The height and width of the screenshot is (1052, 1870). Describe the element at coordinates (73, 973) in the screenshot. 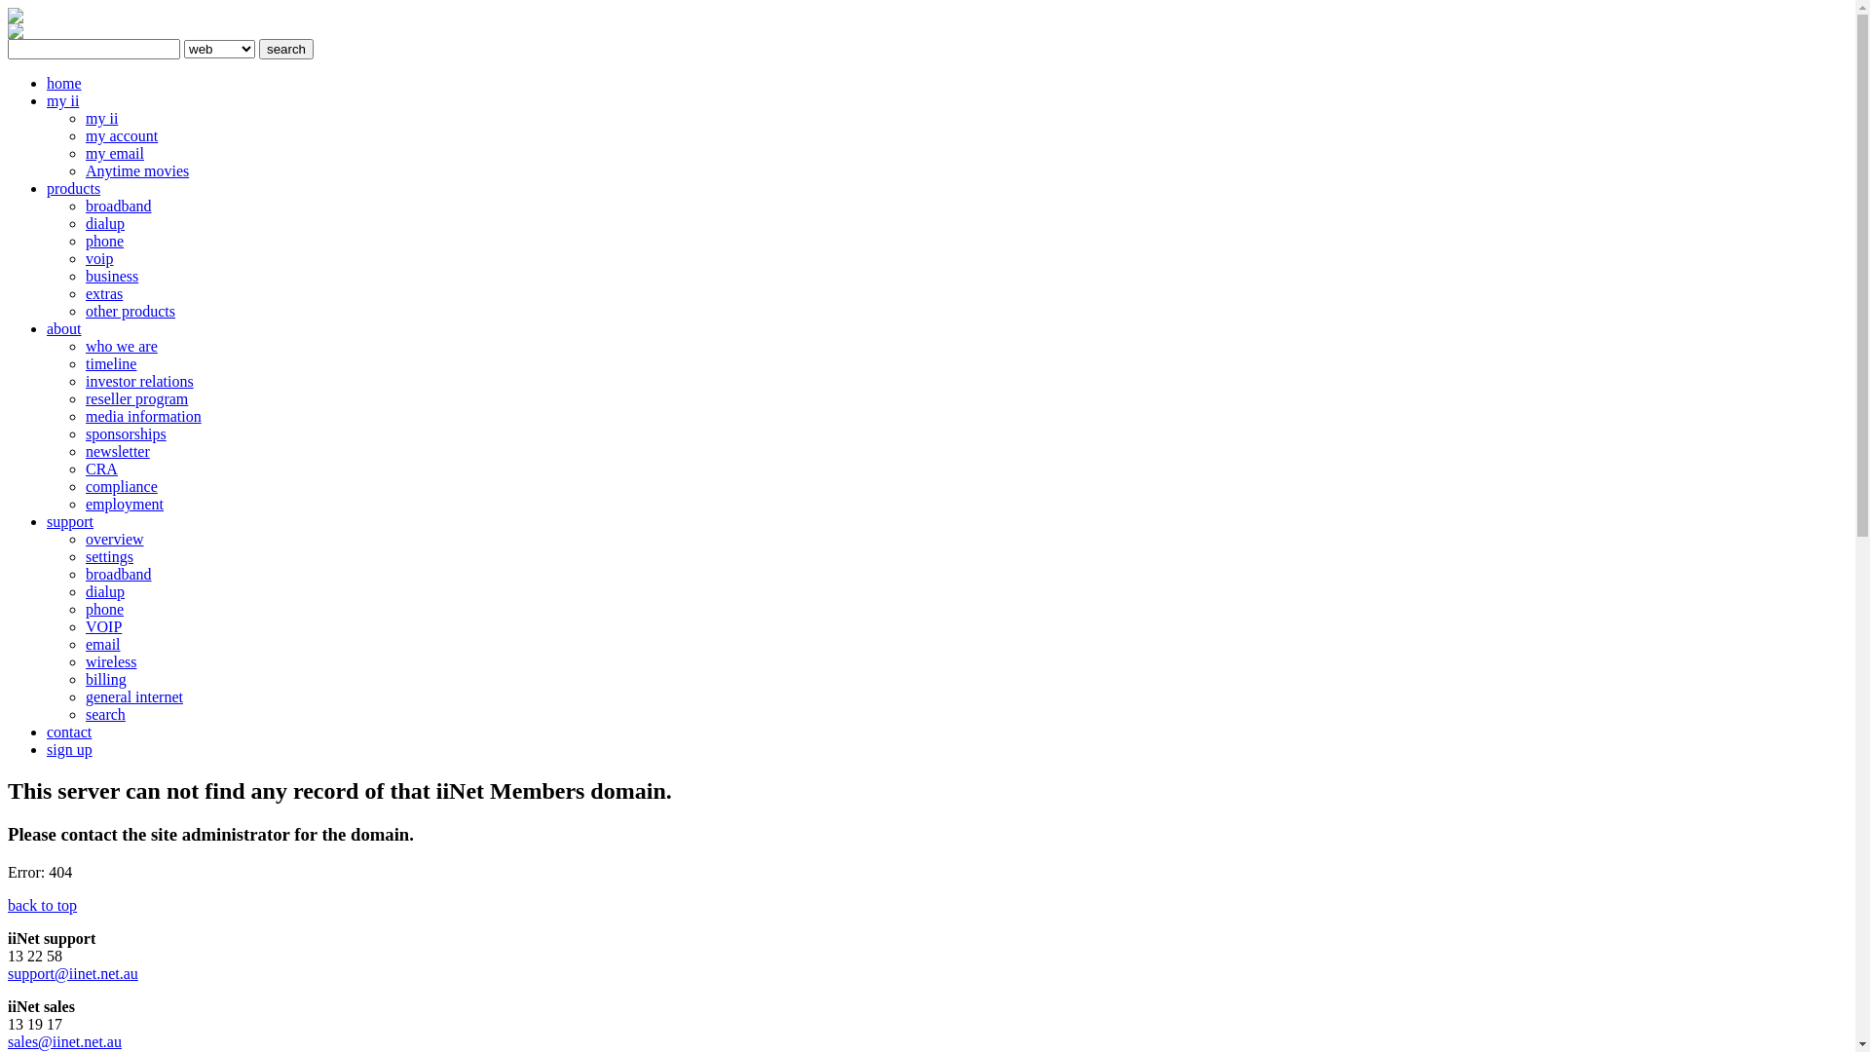

I see `'support@iinet.net.au'` at that location.